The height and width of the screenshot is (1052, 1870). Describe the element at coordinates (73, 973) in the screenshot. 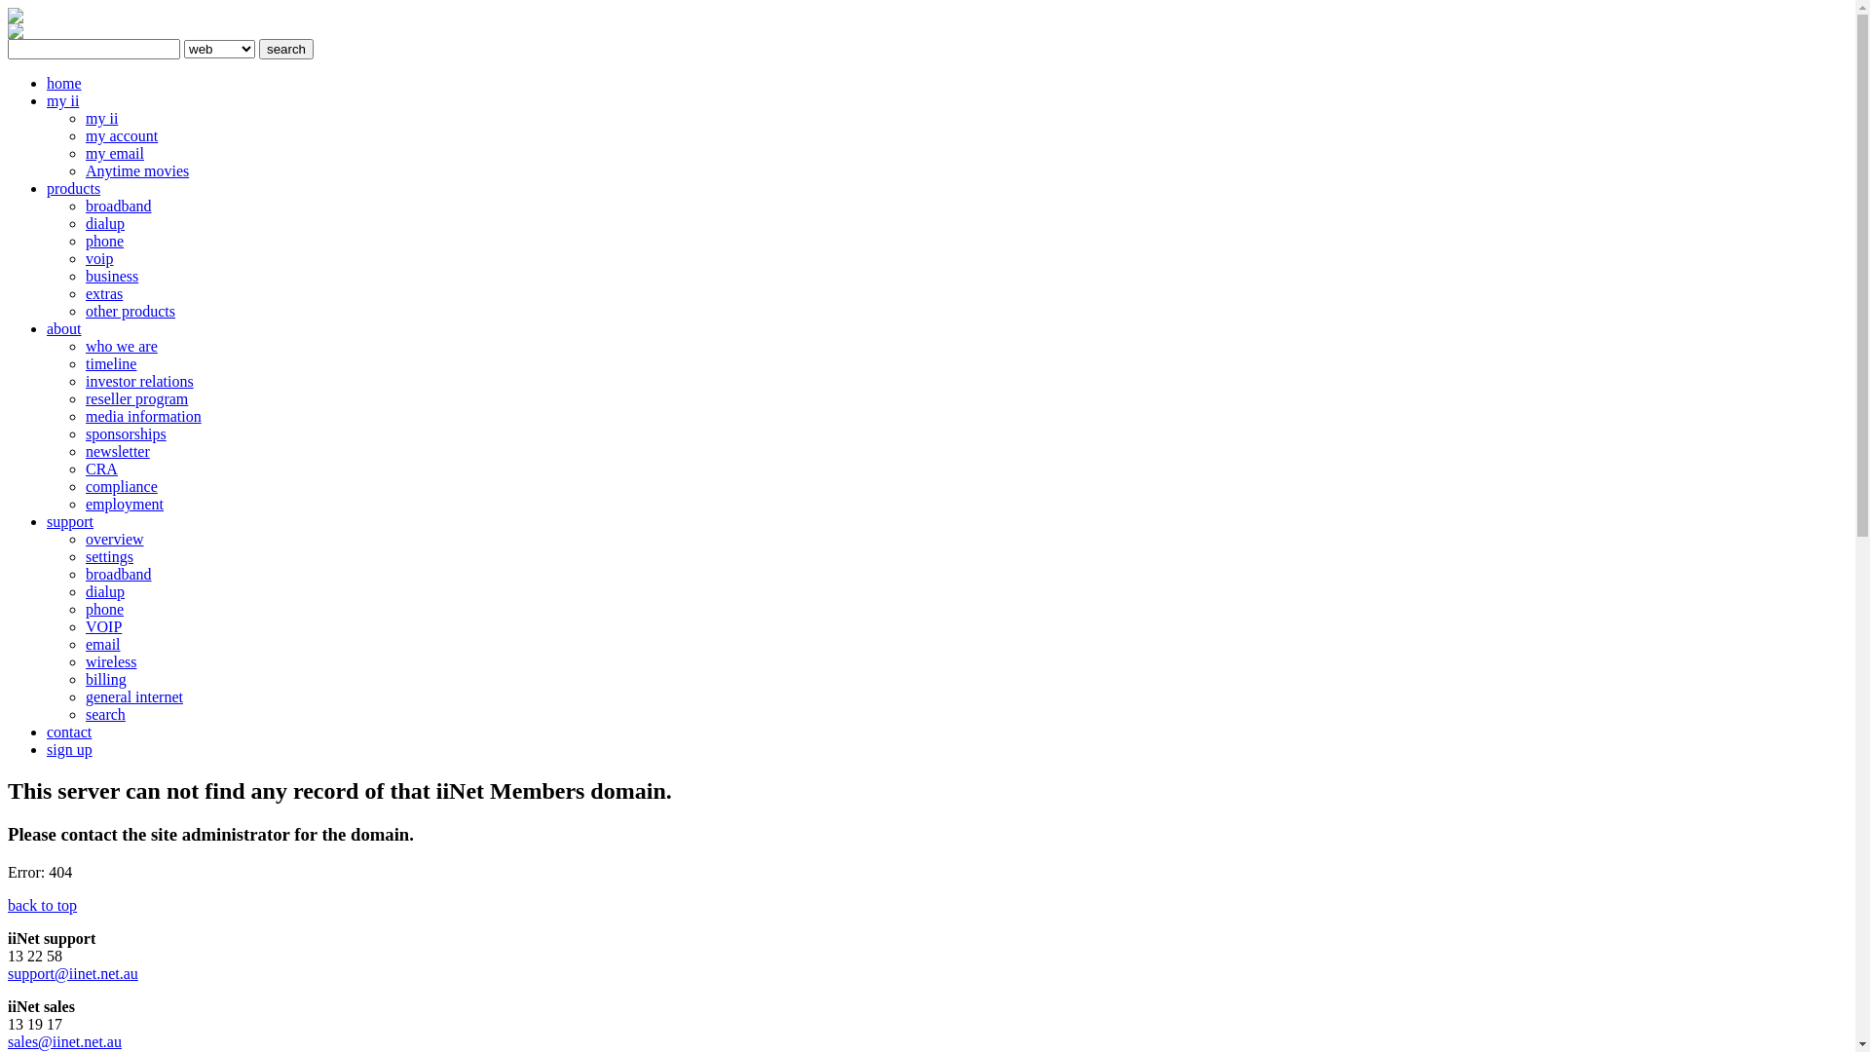

I see `'support@iinet.net.au'` at that location.